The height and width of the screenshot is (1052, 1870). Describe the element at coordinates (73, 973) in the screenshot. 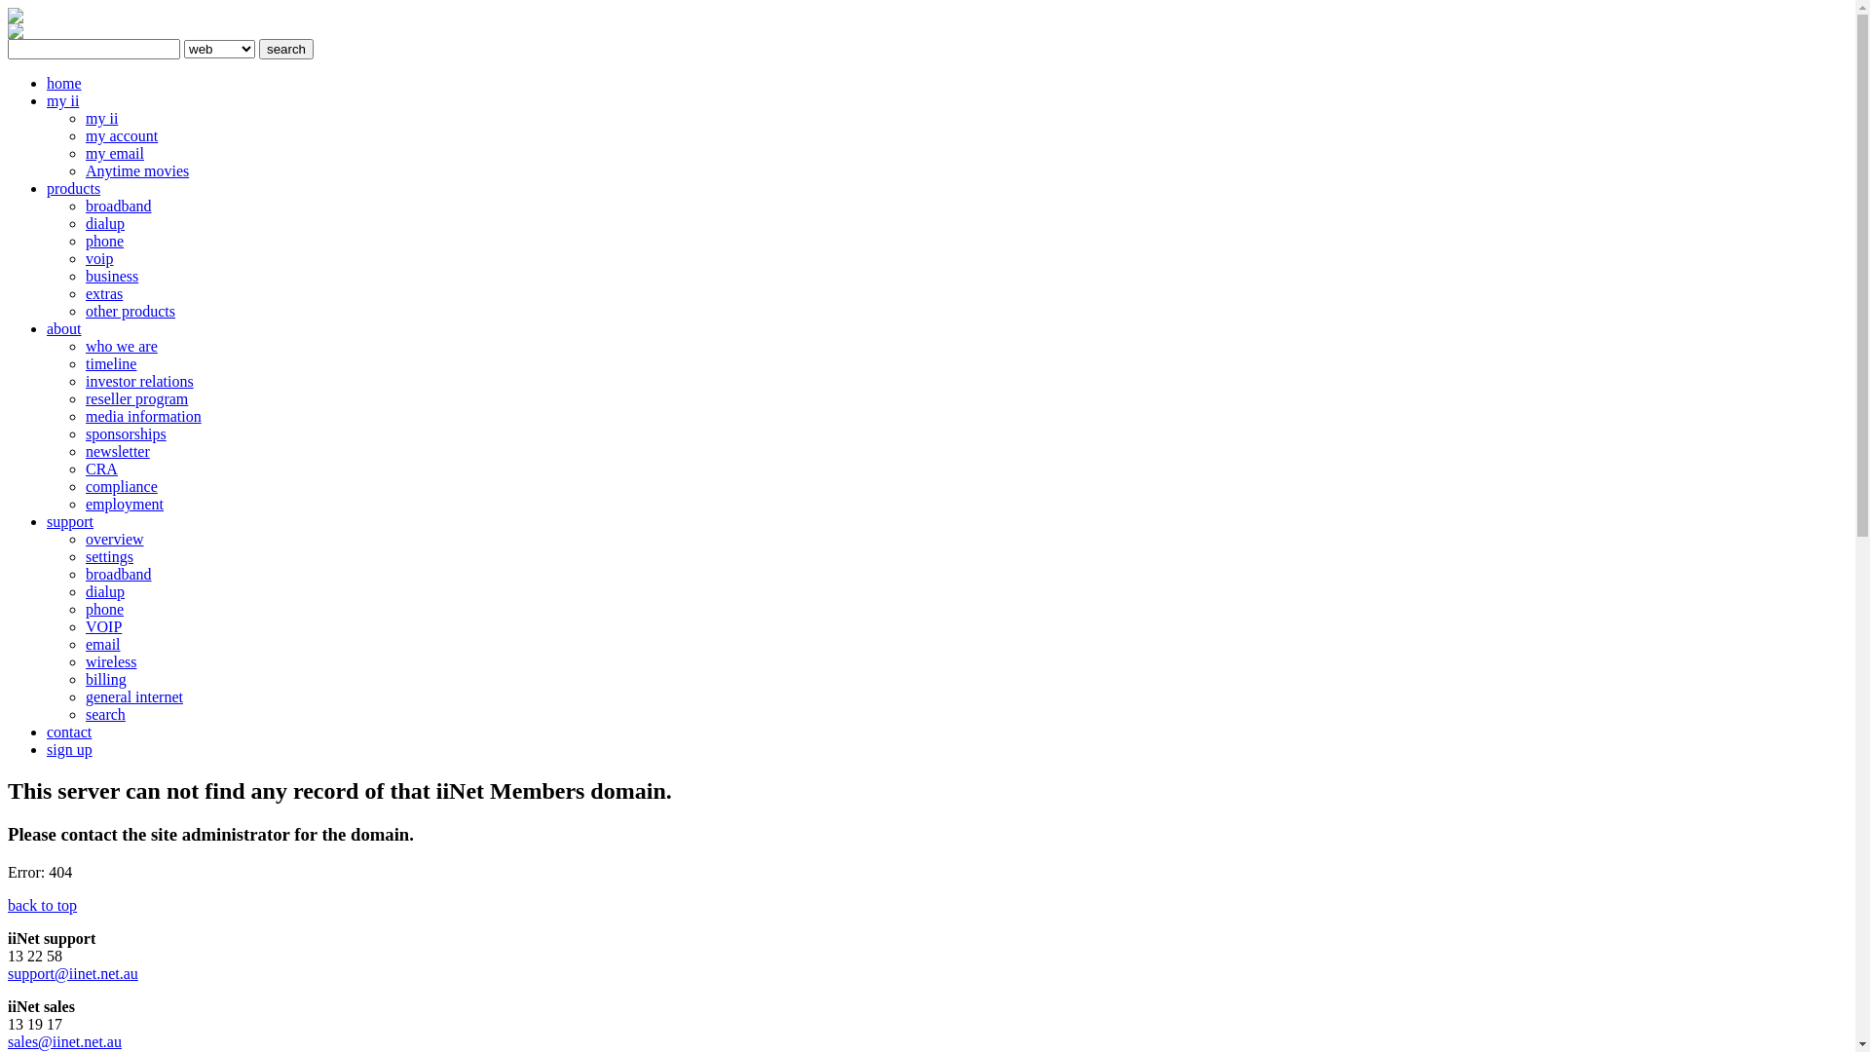

I see `'support@iinet.net.au'` at that location.